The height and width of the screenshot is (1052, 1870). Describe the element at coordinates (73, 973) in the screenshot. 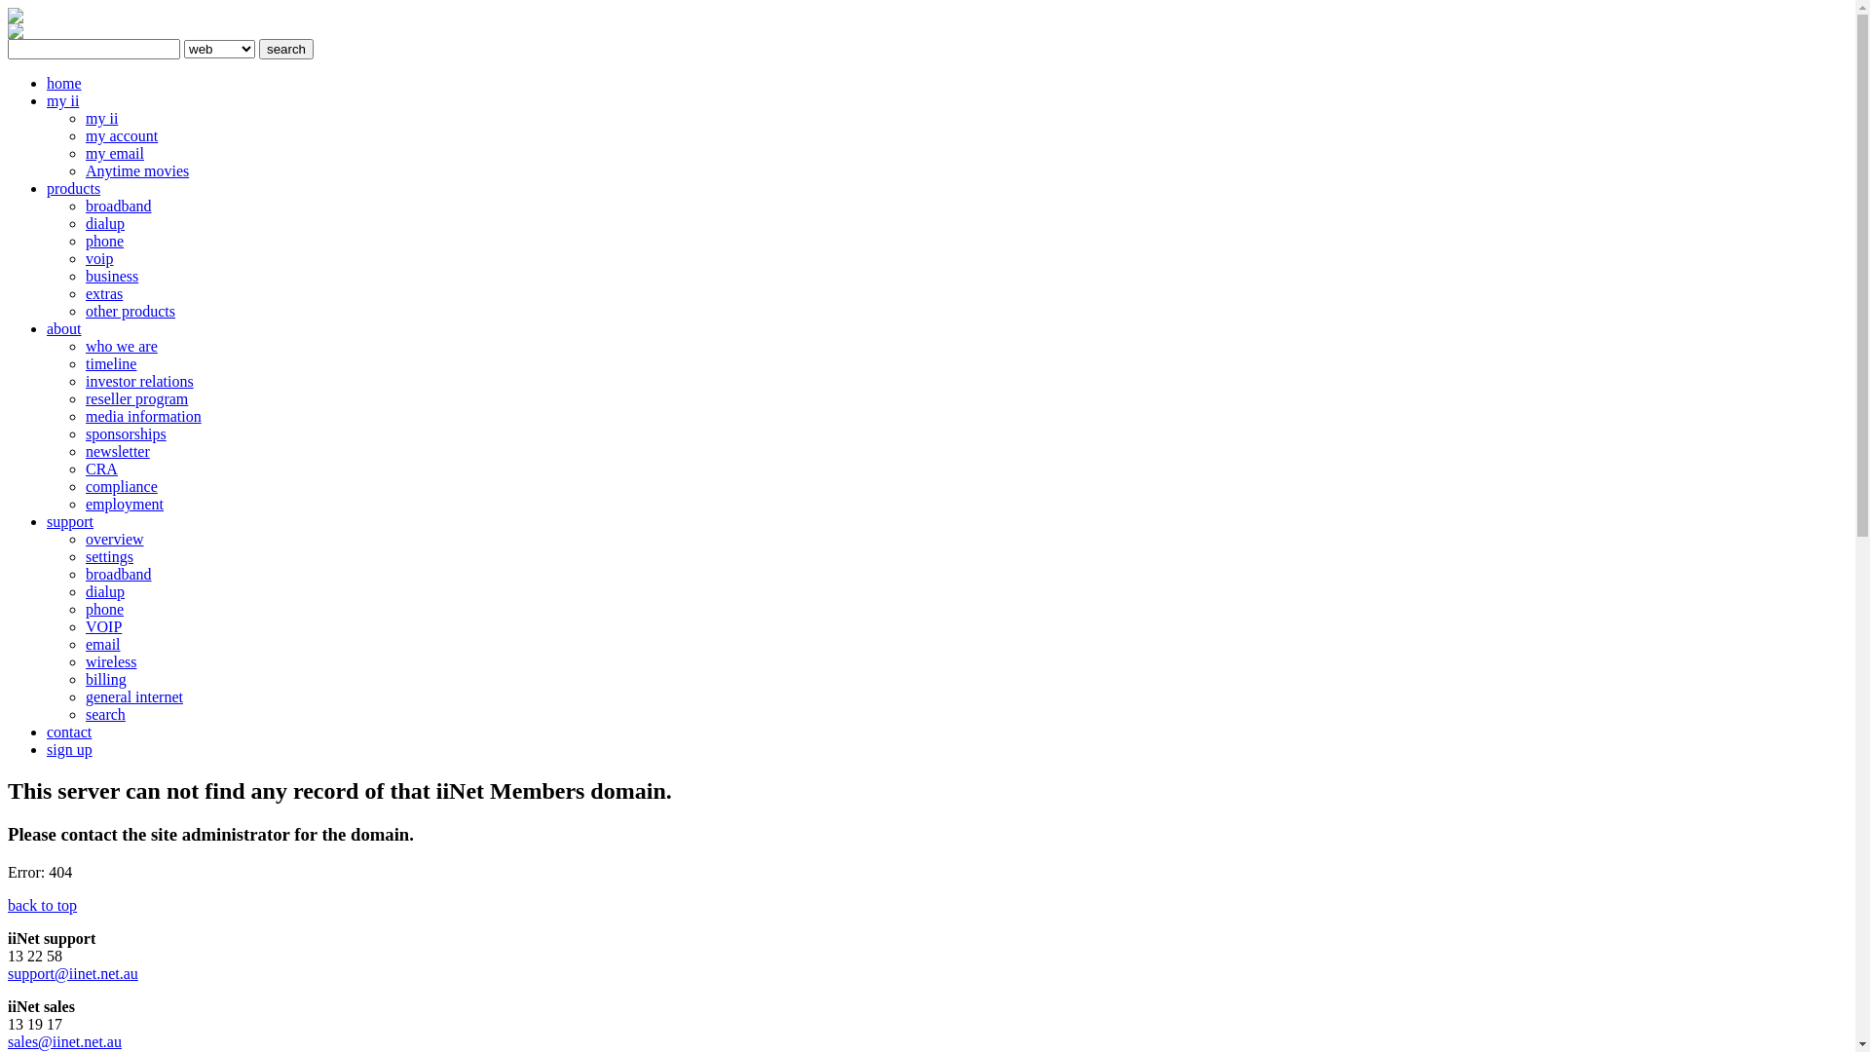

I see `'support@iinet.net.au'` at that location.